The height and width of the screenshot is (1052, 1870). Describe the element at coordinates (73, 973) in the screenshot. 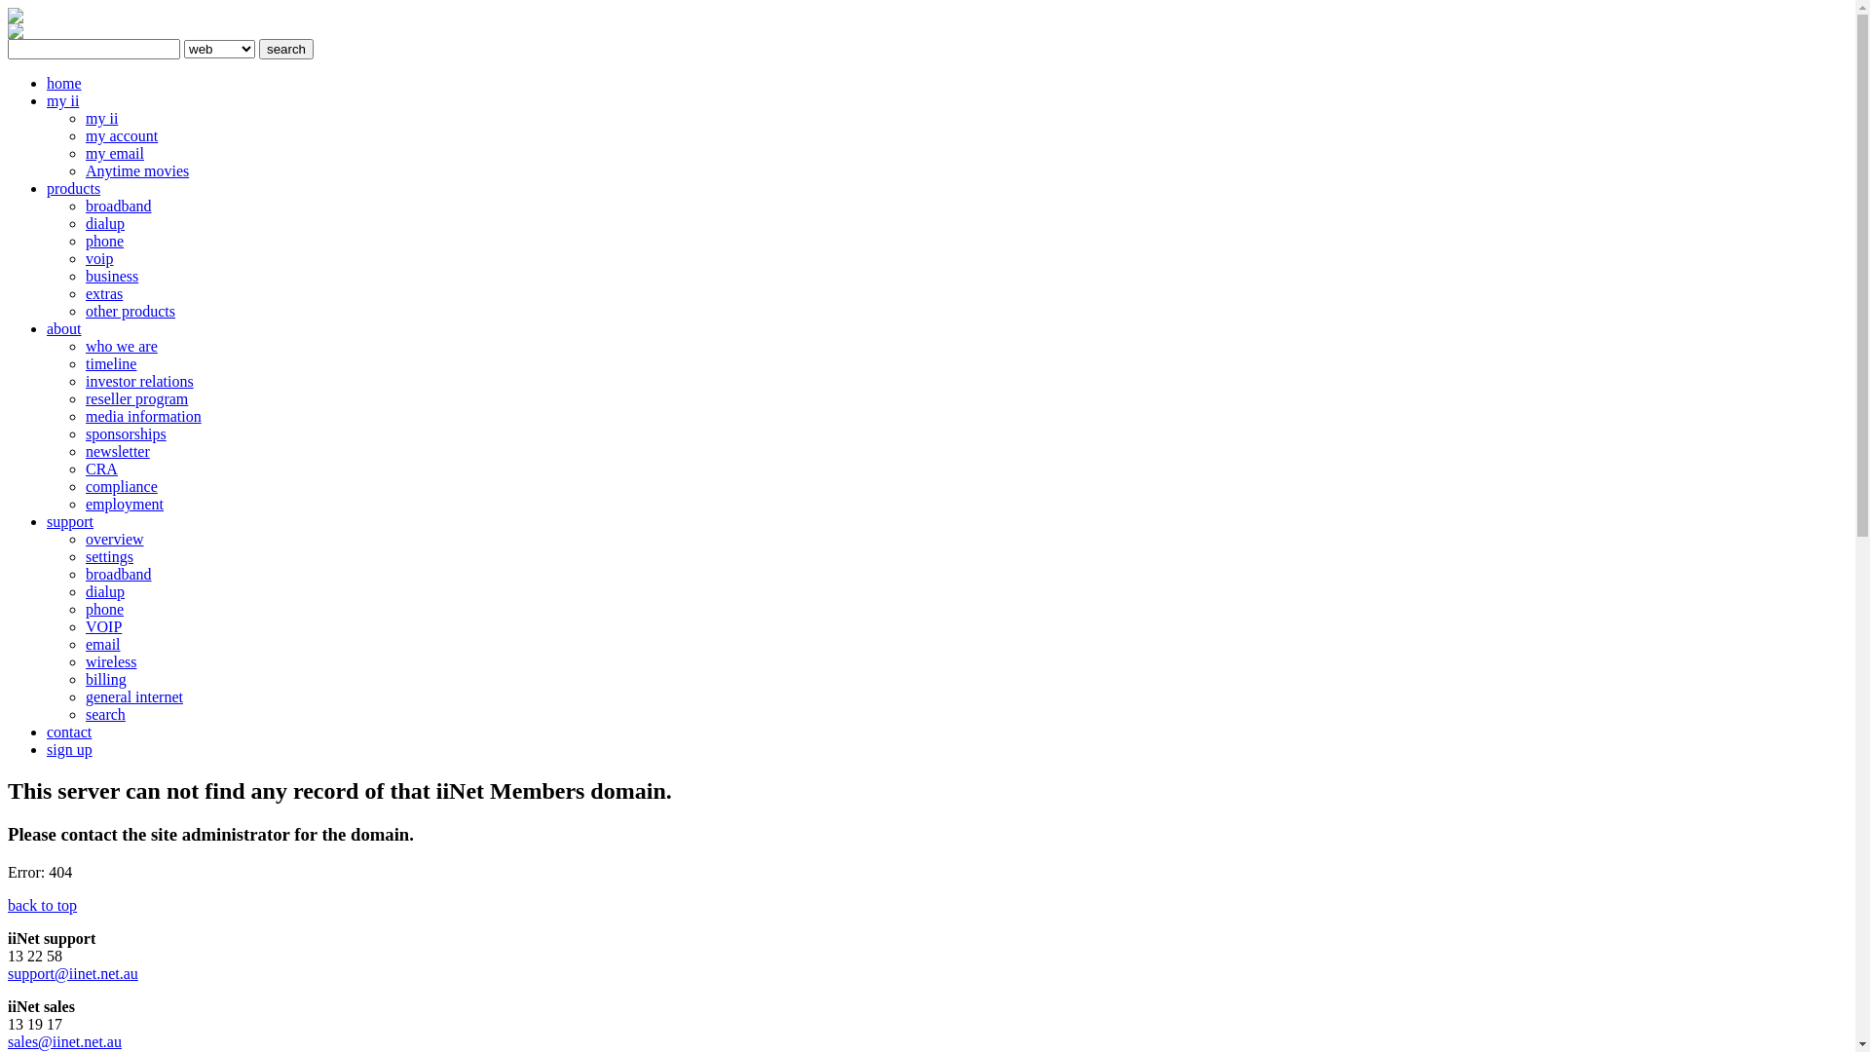

I see `'support@iinet.net.au'` at that location.